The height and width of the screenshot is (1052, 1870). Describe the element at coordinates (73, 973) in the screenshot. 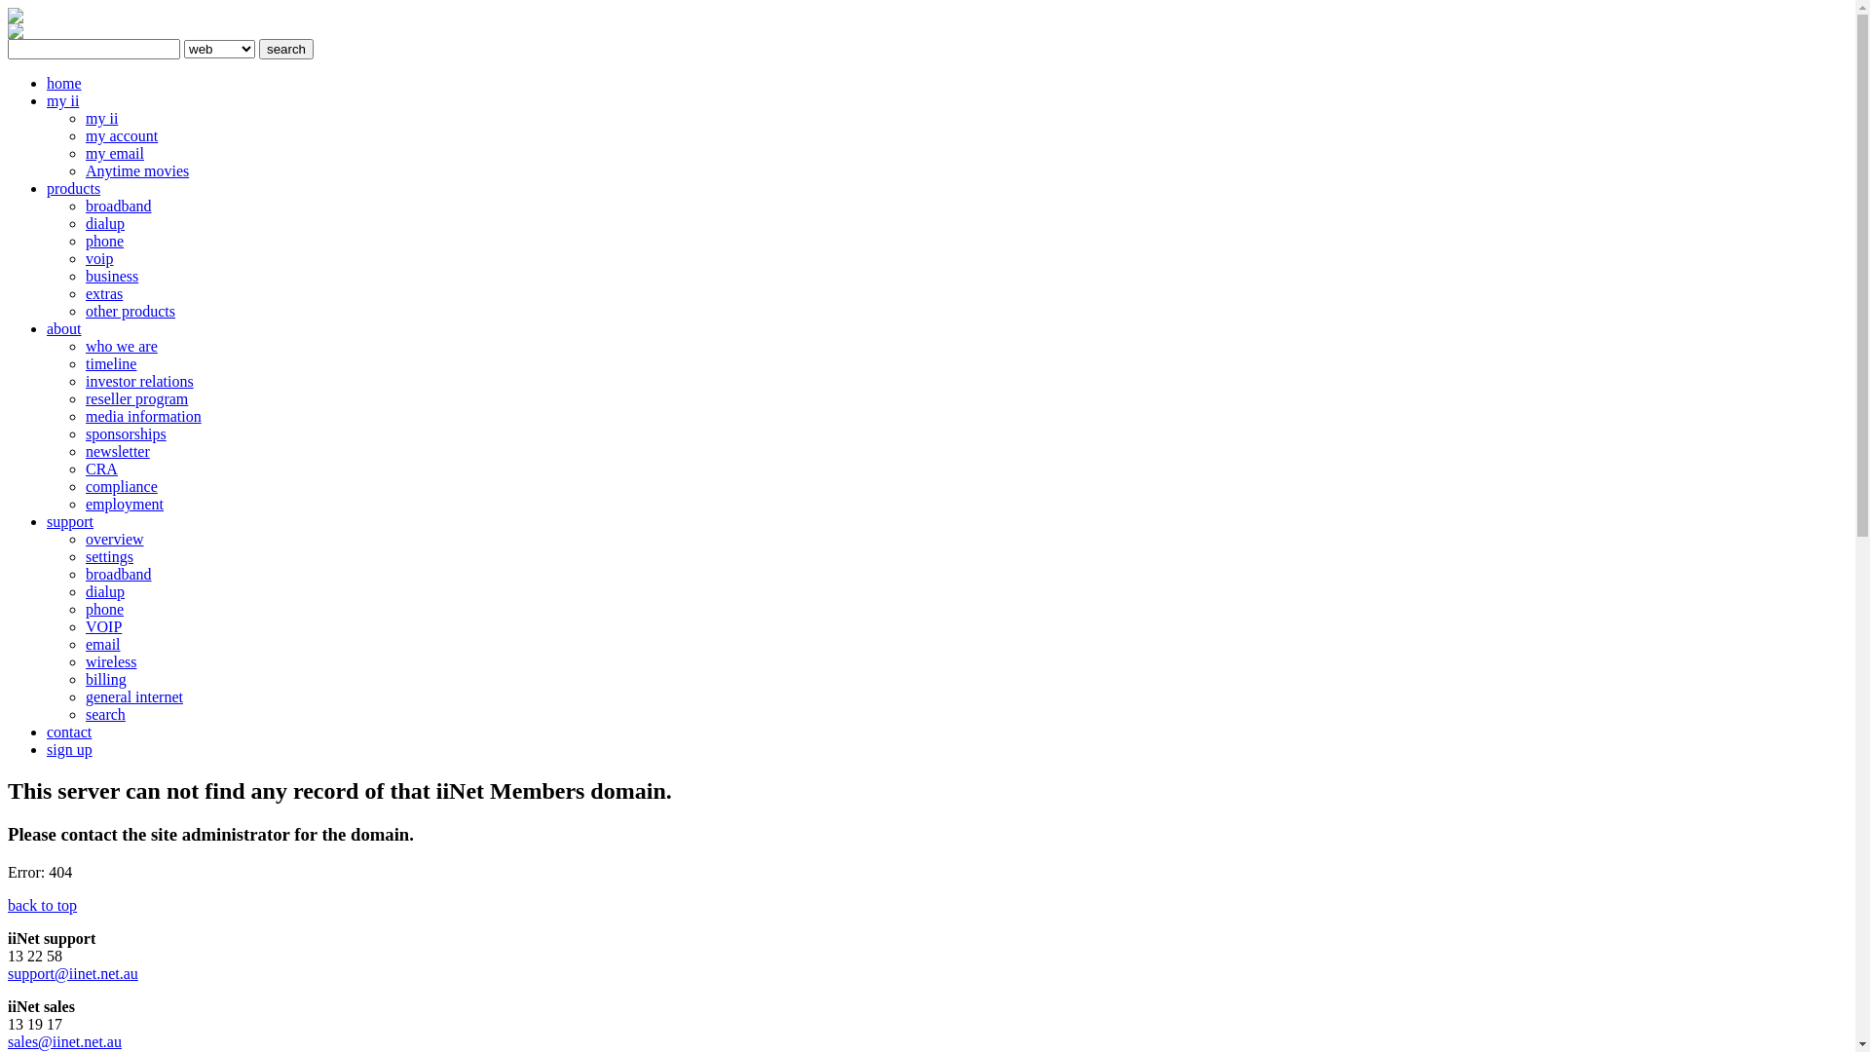

I see `'support@iinet.net.au'` at that location.